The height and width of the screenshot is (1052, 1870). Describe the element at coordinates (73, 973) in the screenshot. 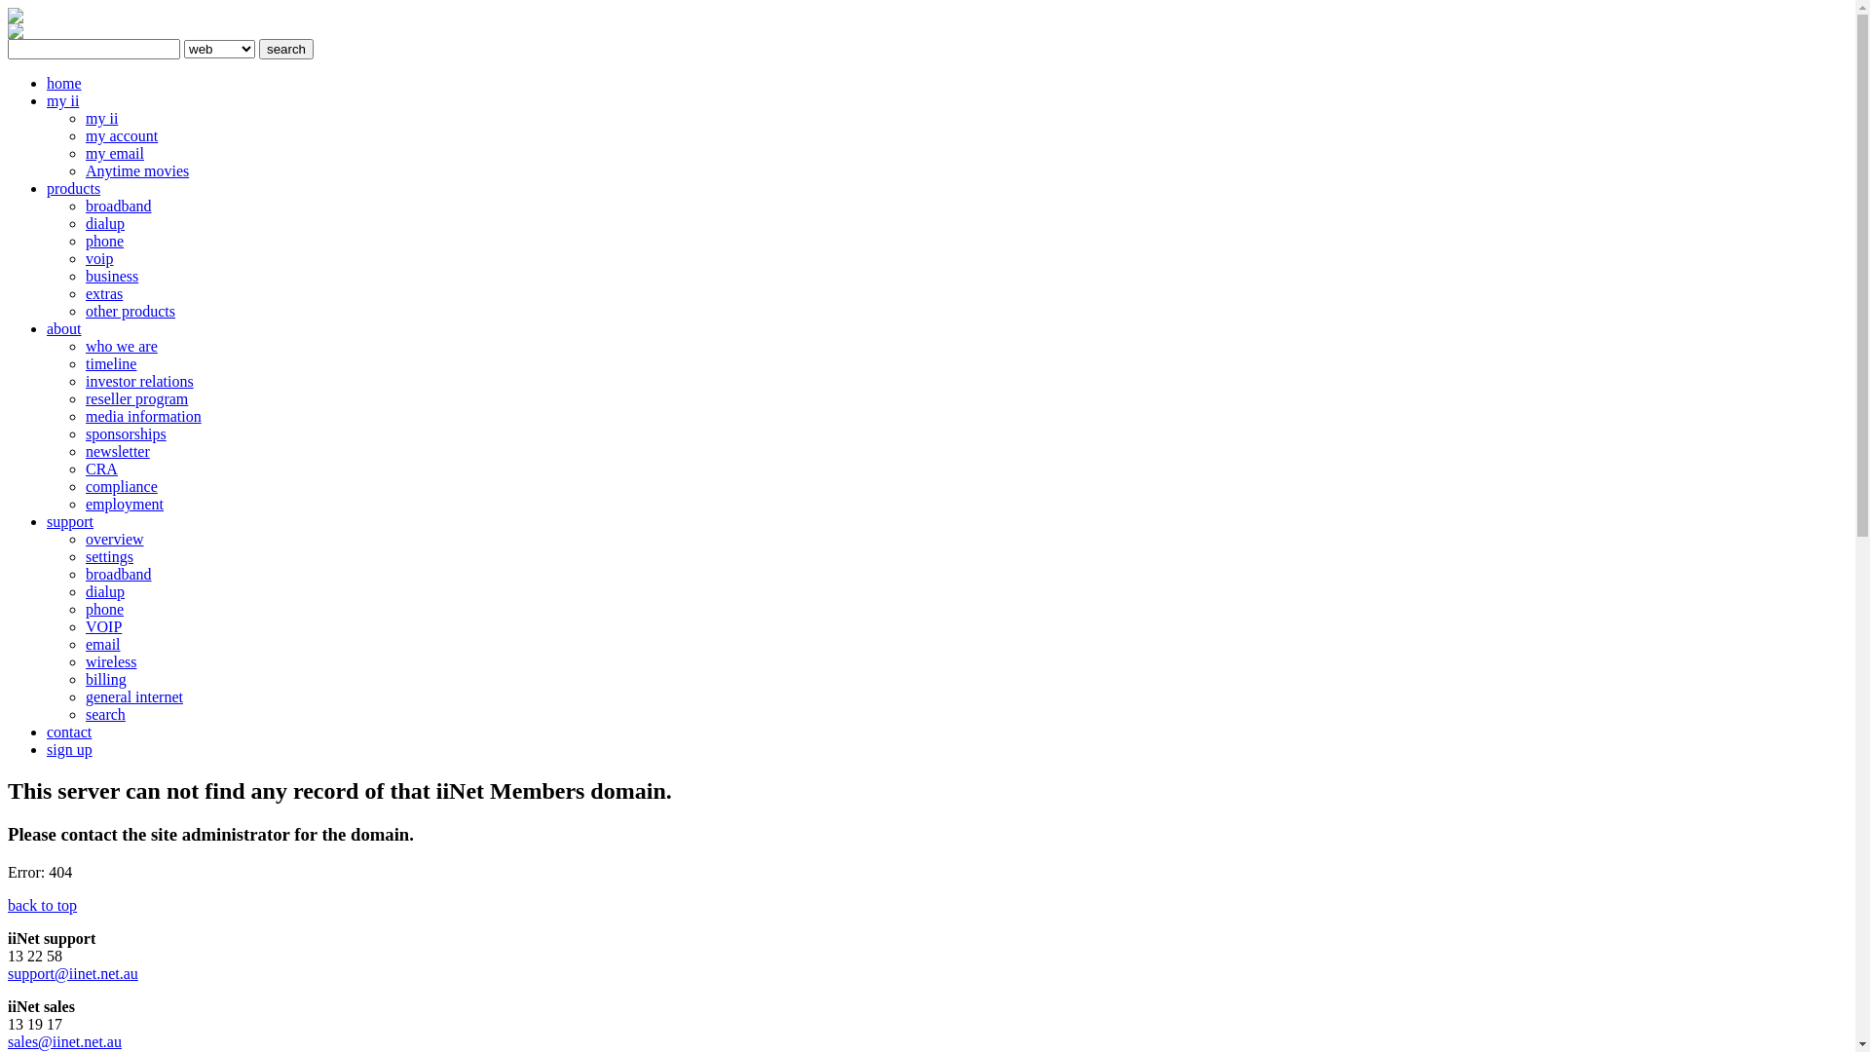

I see `'support@iinet.net.au'` at that location.